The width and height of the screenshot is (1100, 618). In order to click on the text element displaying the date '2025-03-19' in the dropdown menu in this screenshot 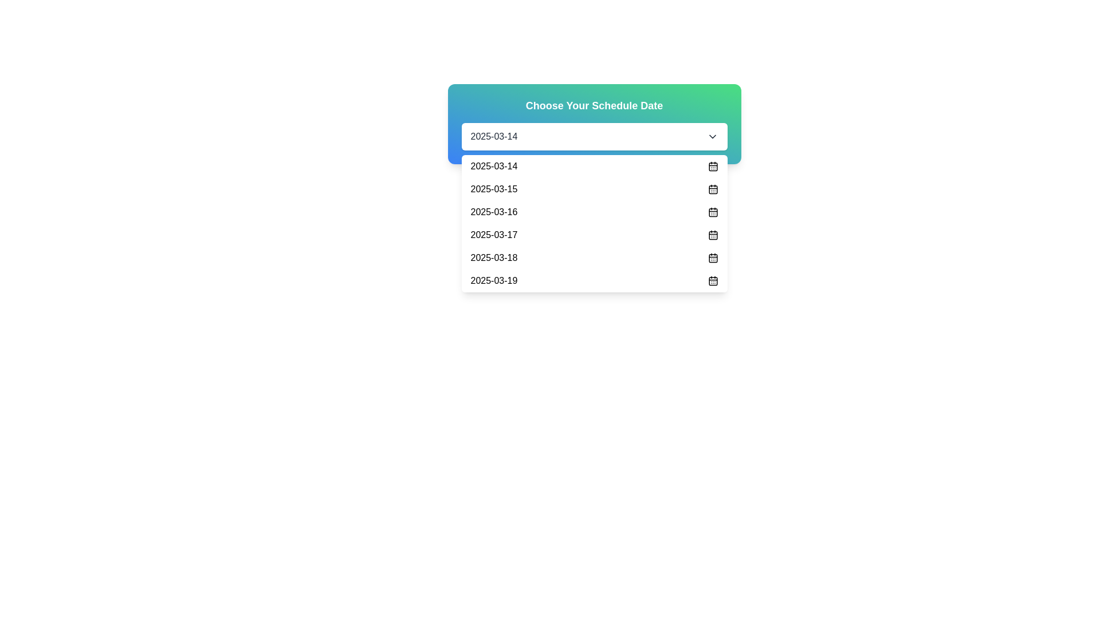, I will do `click(494, 280)`.